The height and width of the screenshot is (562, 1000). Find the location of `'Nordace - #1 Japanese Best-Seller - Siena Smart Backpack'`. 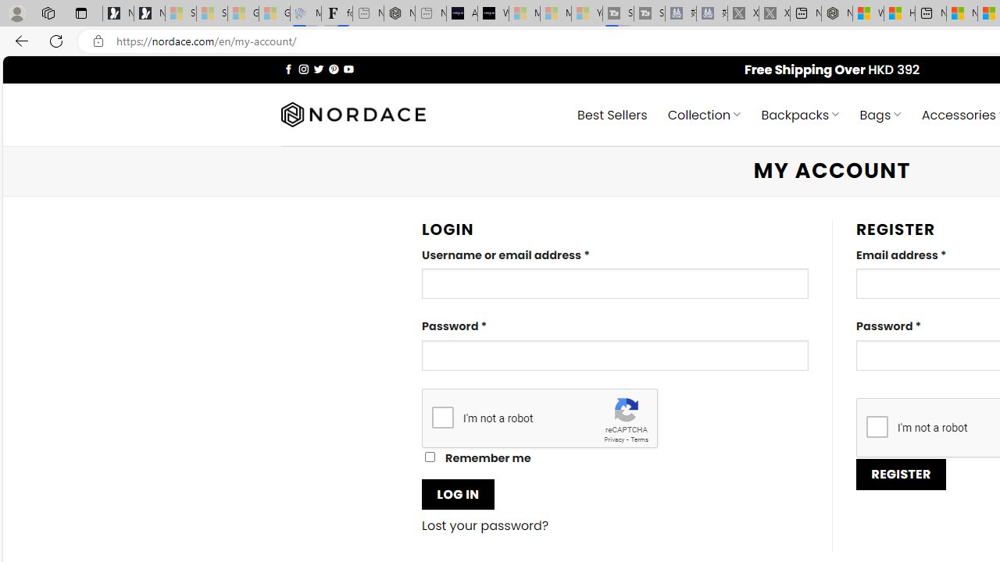

'Nordace - #1 Japanese Best-Seller - Siena Smart Backpack' is located at coordinates (399, 13).